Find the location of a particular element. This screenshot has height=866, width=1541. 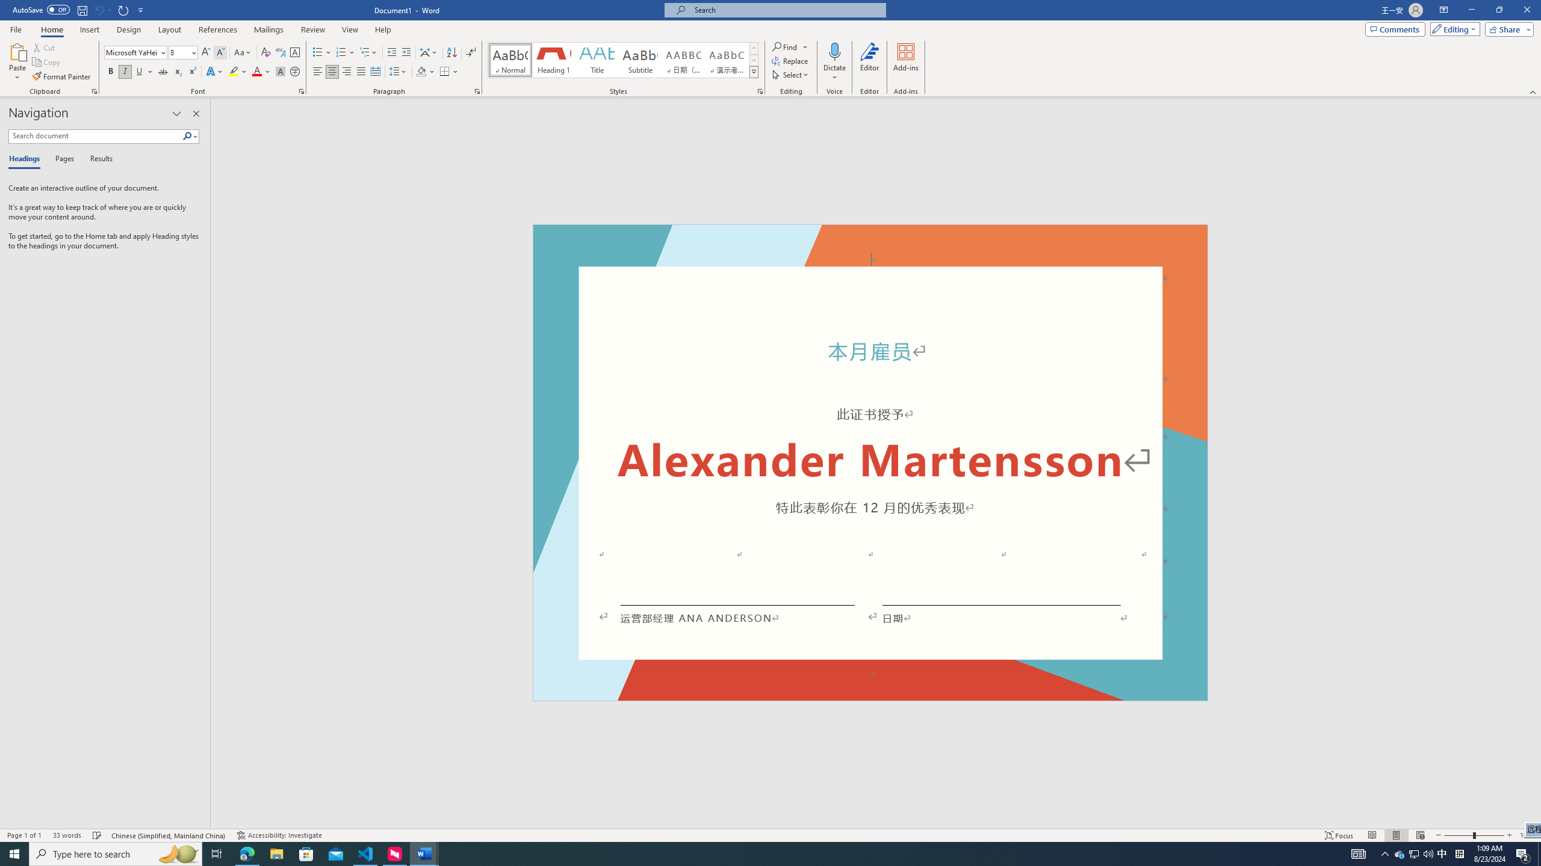

'More Options' is located at coordinates (834, 72).